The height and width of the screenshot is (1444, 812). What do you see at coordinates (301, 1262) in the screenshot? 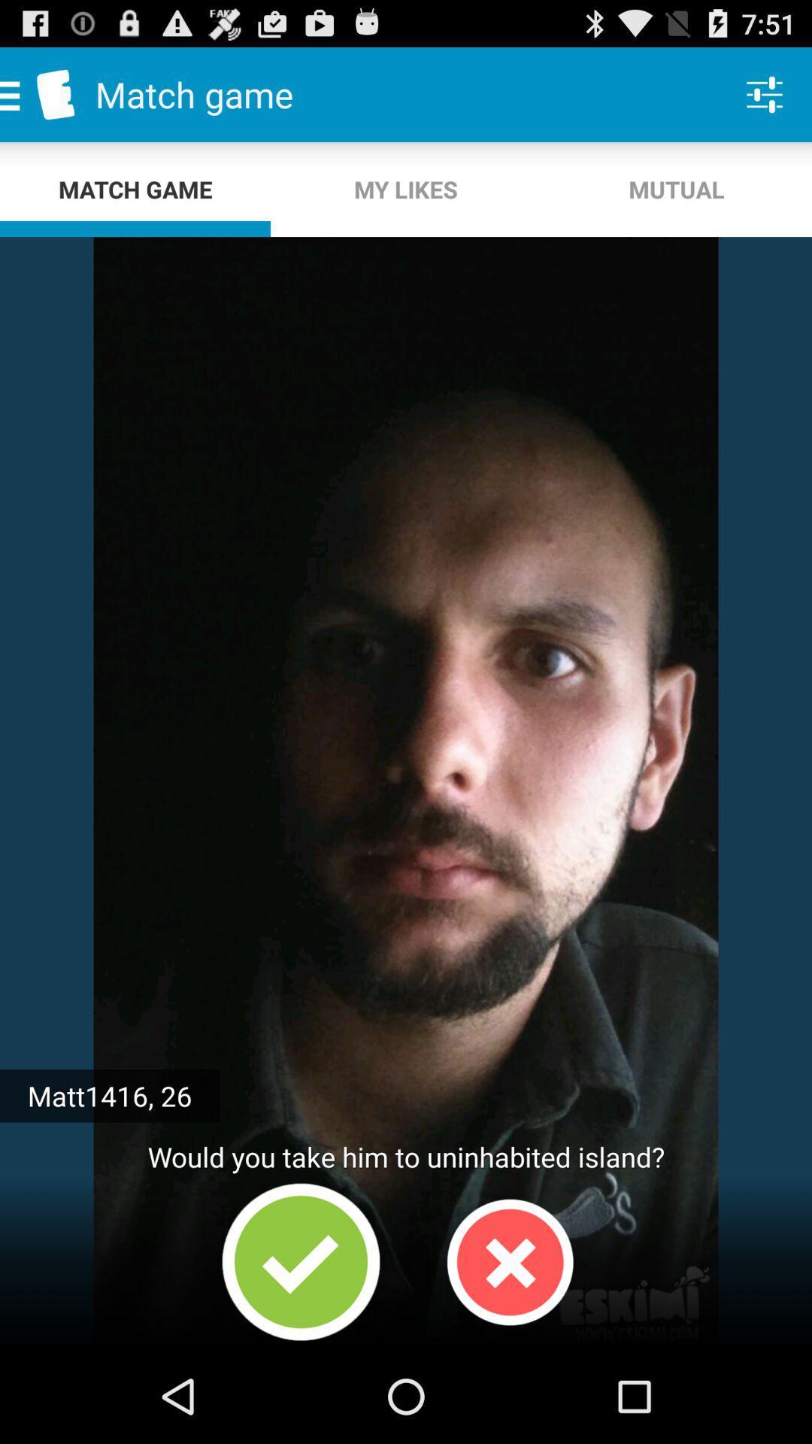
I see `option` at bounding box center [301, 1262].